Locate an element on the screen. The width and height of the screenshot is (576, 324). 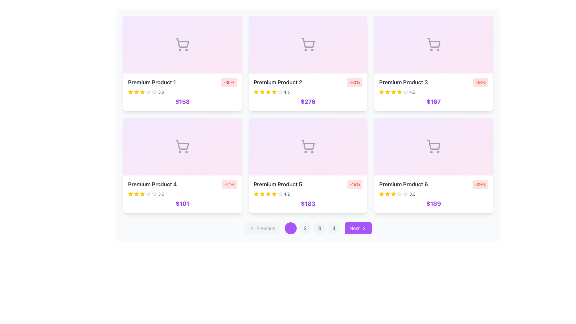
the fourth star icon is located at coordinates (142, 92).